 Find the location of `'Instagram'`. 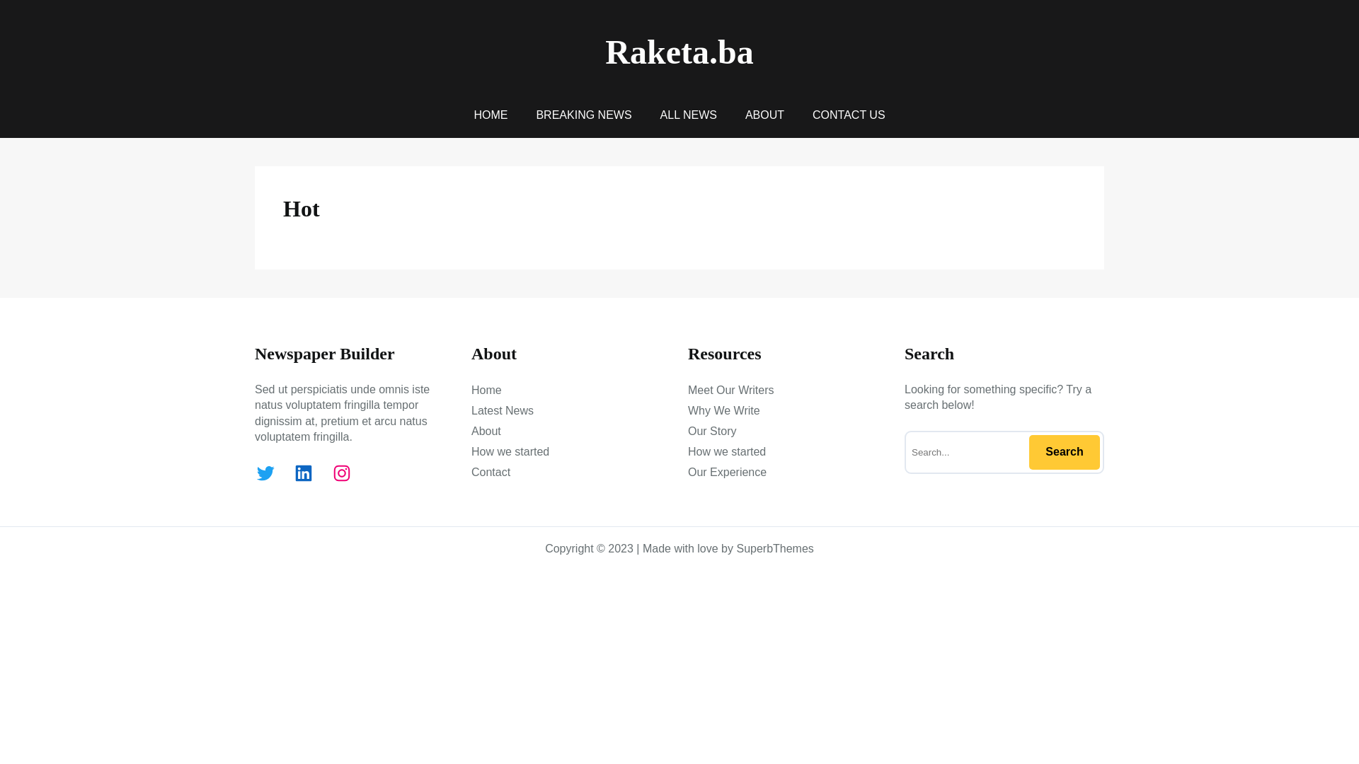

'Instagram' is located at coordinates (342, 473).